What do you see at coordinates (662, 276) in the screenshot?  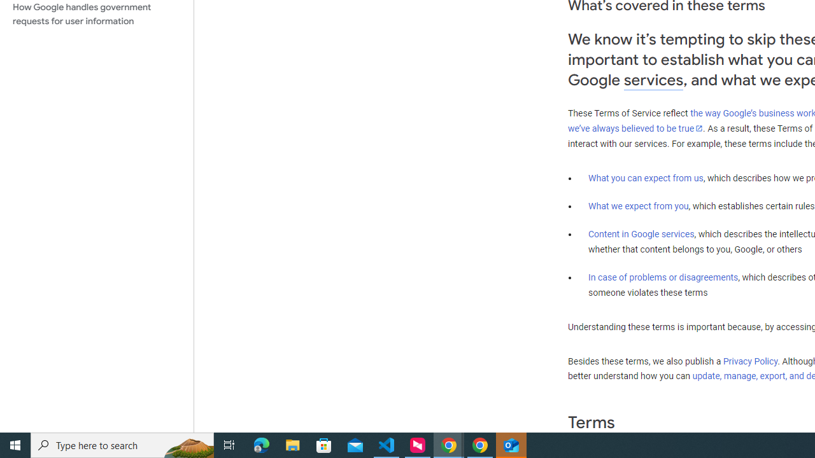 I see `'In case of problems or disagreements'` at bounding box center [662, 276].